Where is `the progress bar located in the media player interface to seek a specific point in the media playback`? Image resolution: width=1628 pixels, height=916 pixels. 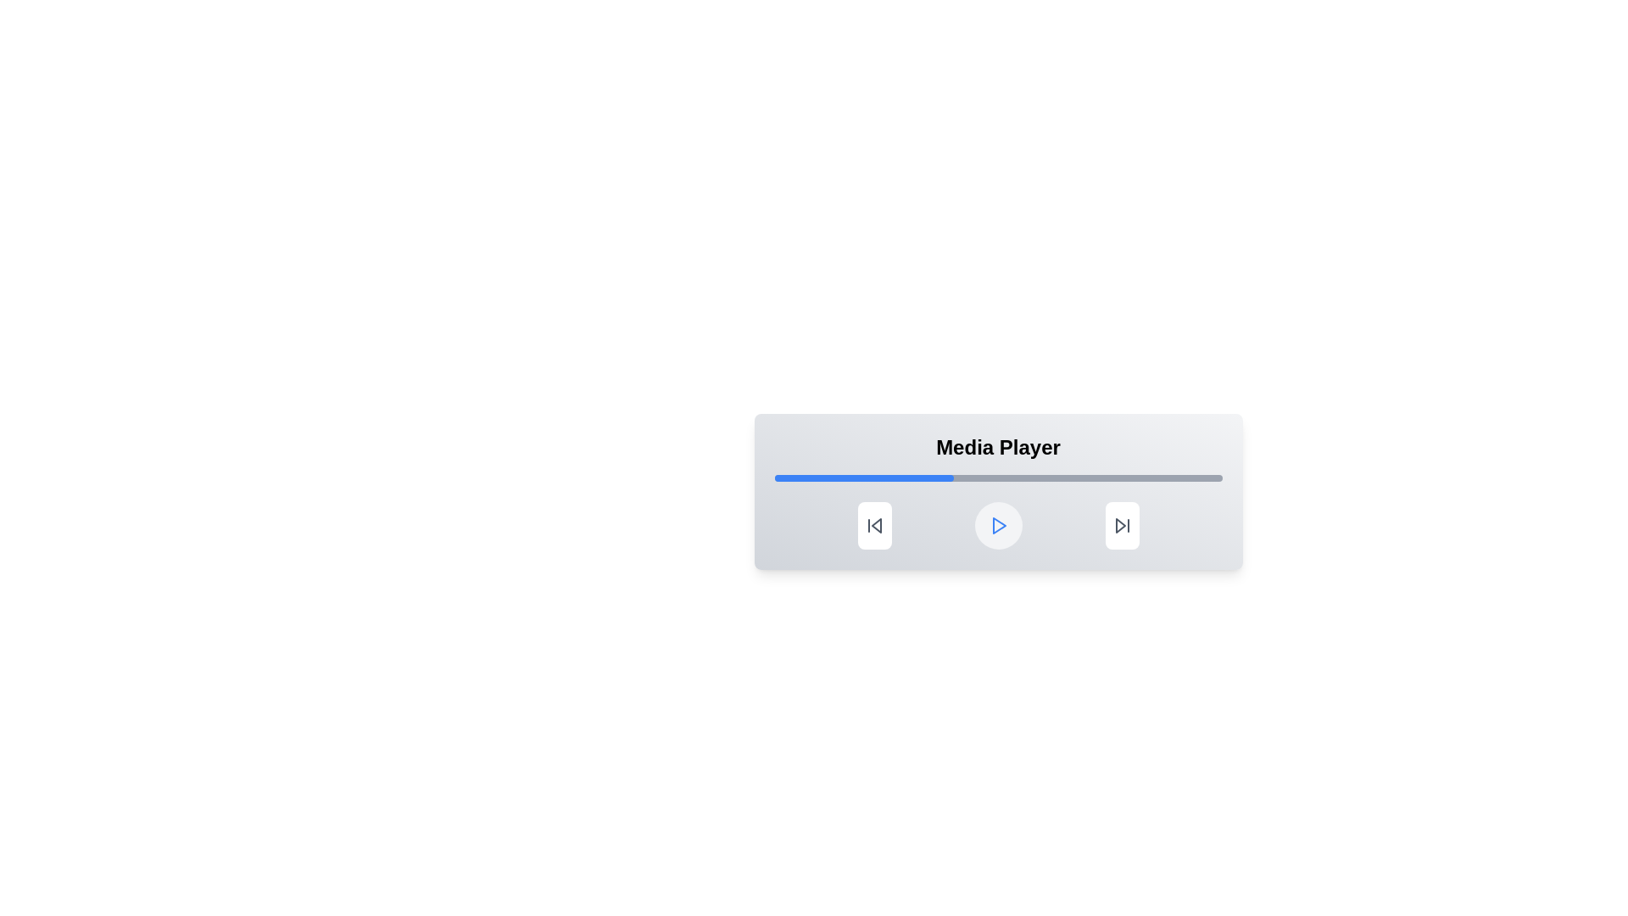 the progress bar located in the media player interface to seek a specific point in the media playback is located at coordinates (998, 478).